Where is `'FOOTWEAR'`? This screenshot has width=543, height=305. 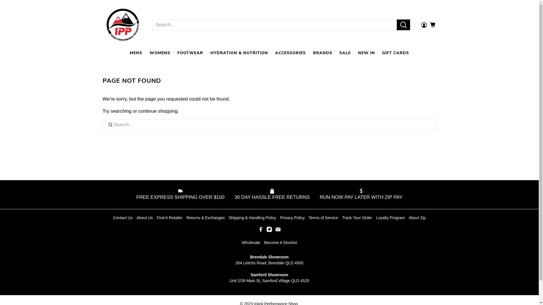
'FOOTWEAR' is located at coordinates (190, 53).